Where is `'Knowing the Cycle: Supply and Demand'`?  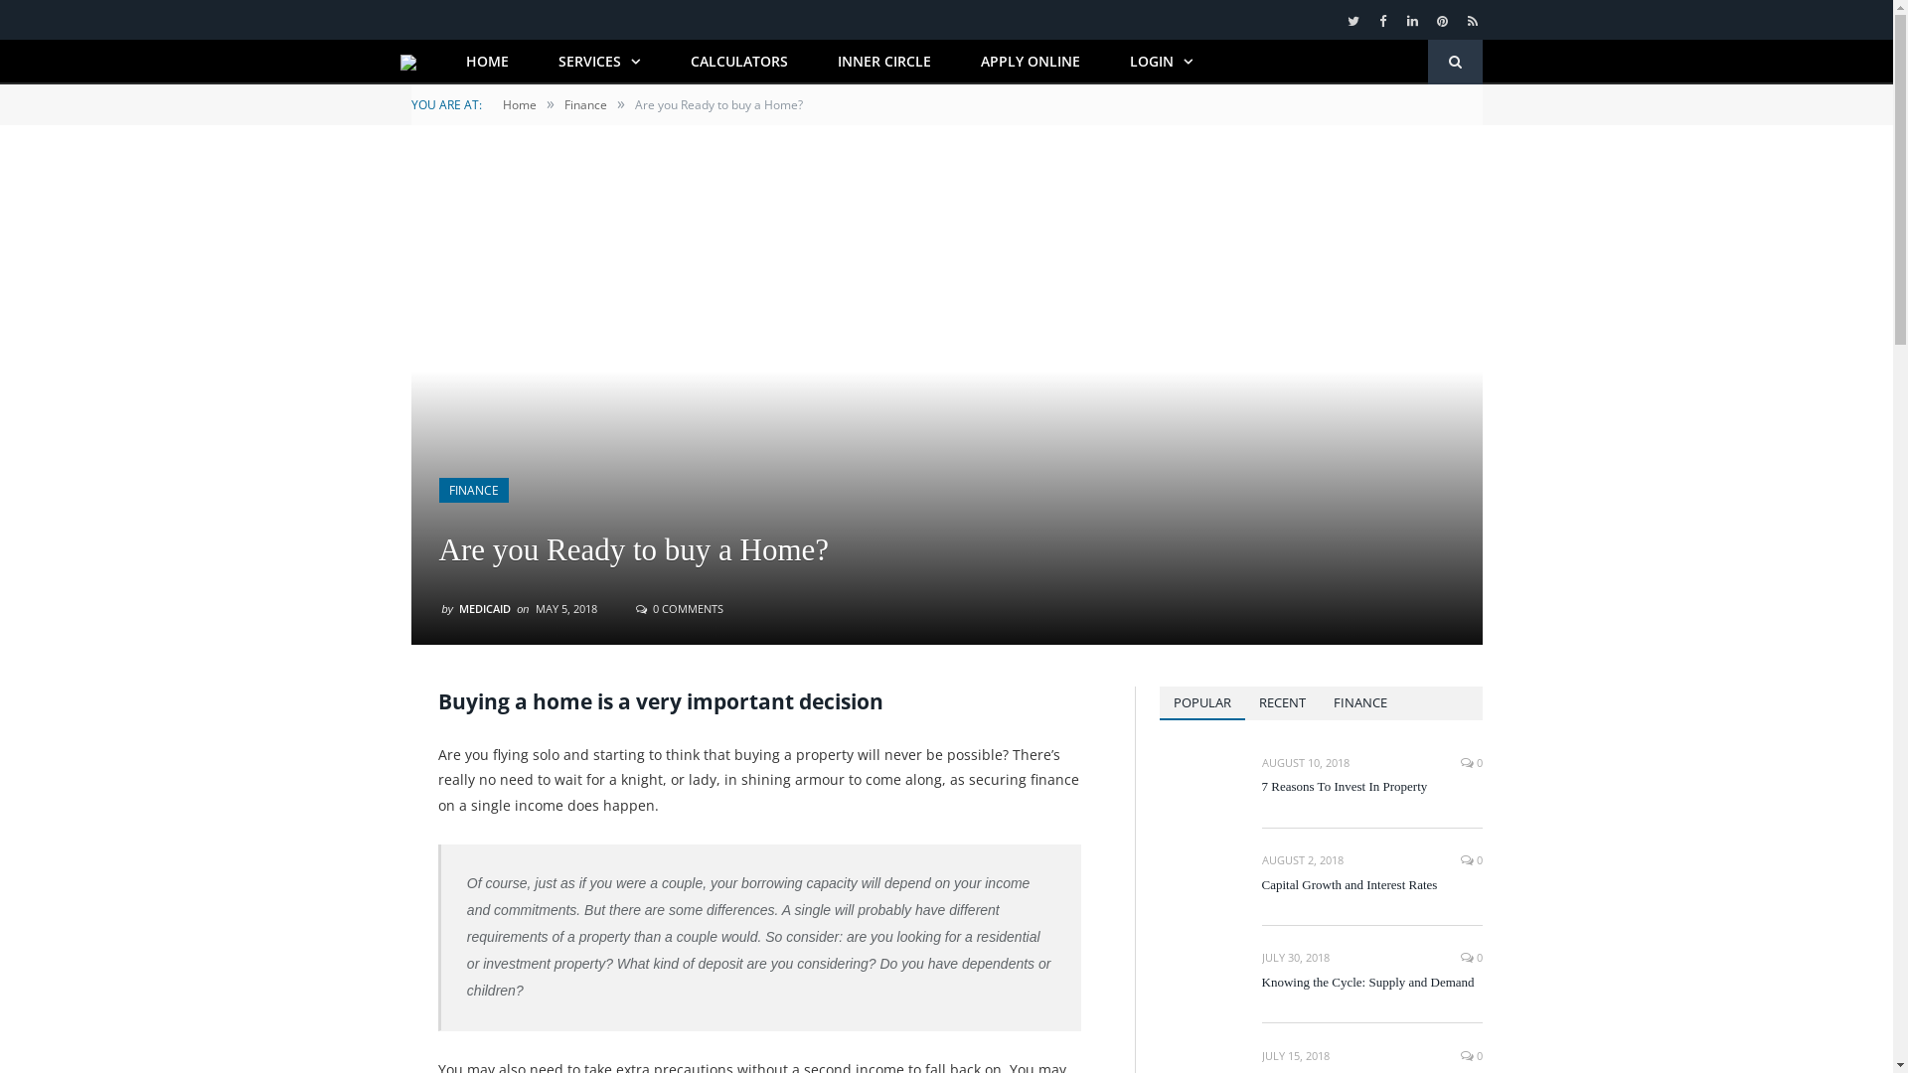
'Knowing the Cycle: Supply and Demand' is located at coordinates (1371, 982).